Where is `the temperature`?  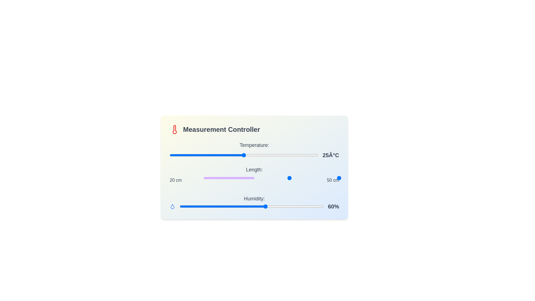
the temperature is located at coordinates (264, 155).